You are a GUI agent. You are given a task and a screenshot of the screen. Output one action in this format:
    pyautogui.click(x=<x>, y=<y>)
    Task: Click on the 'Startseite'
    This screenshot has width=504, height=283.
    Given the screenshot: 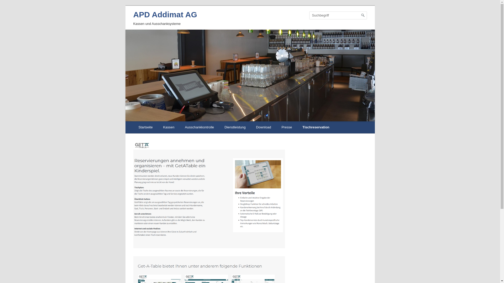 What is the action you would take?
    pyautogui.click(x=146, y=127)
    